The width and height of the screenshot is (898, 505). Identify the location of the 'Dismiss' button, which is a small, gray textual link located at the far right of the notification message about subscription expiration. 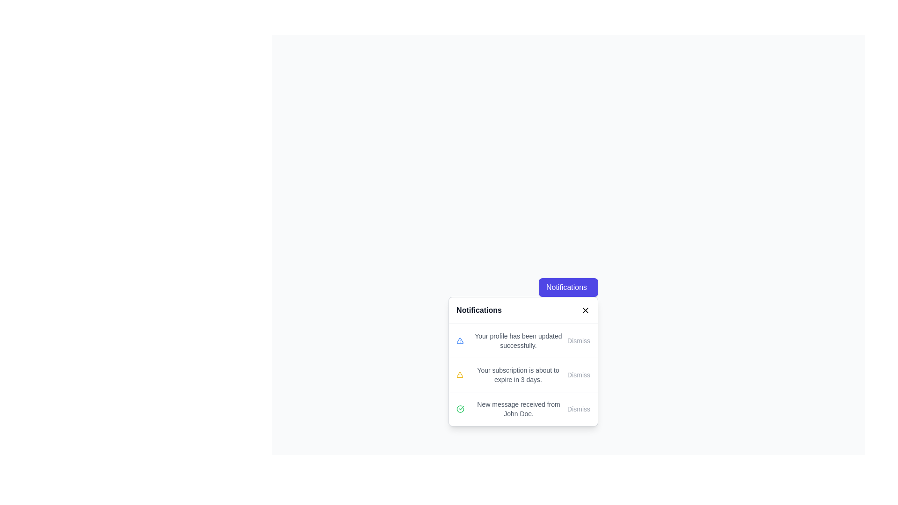
(578, 375).